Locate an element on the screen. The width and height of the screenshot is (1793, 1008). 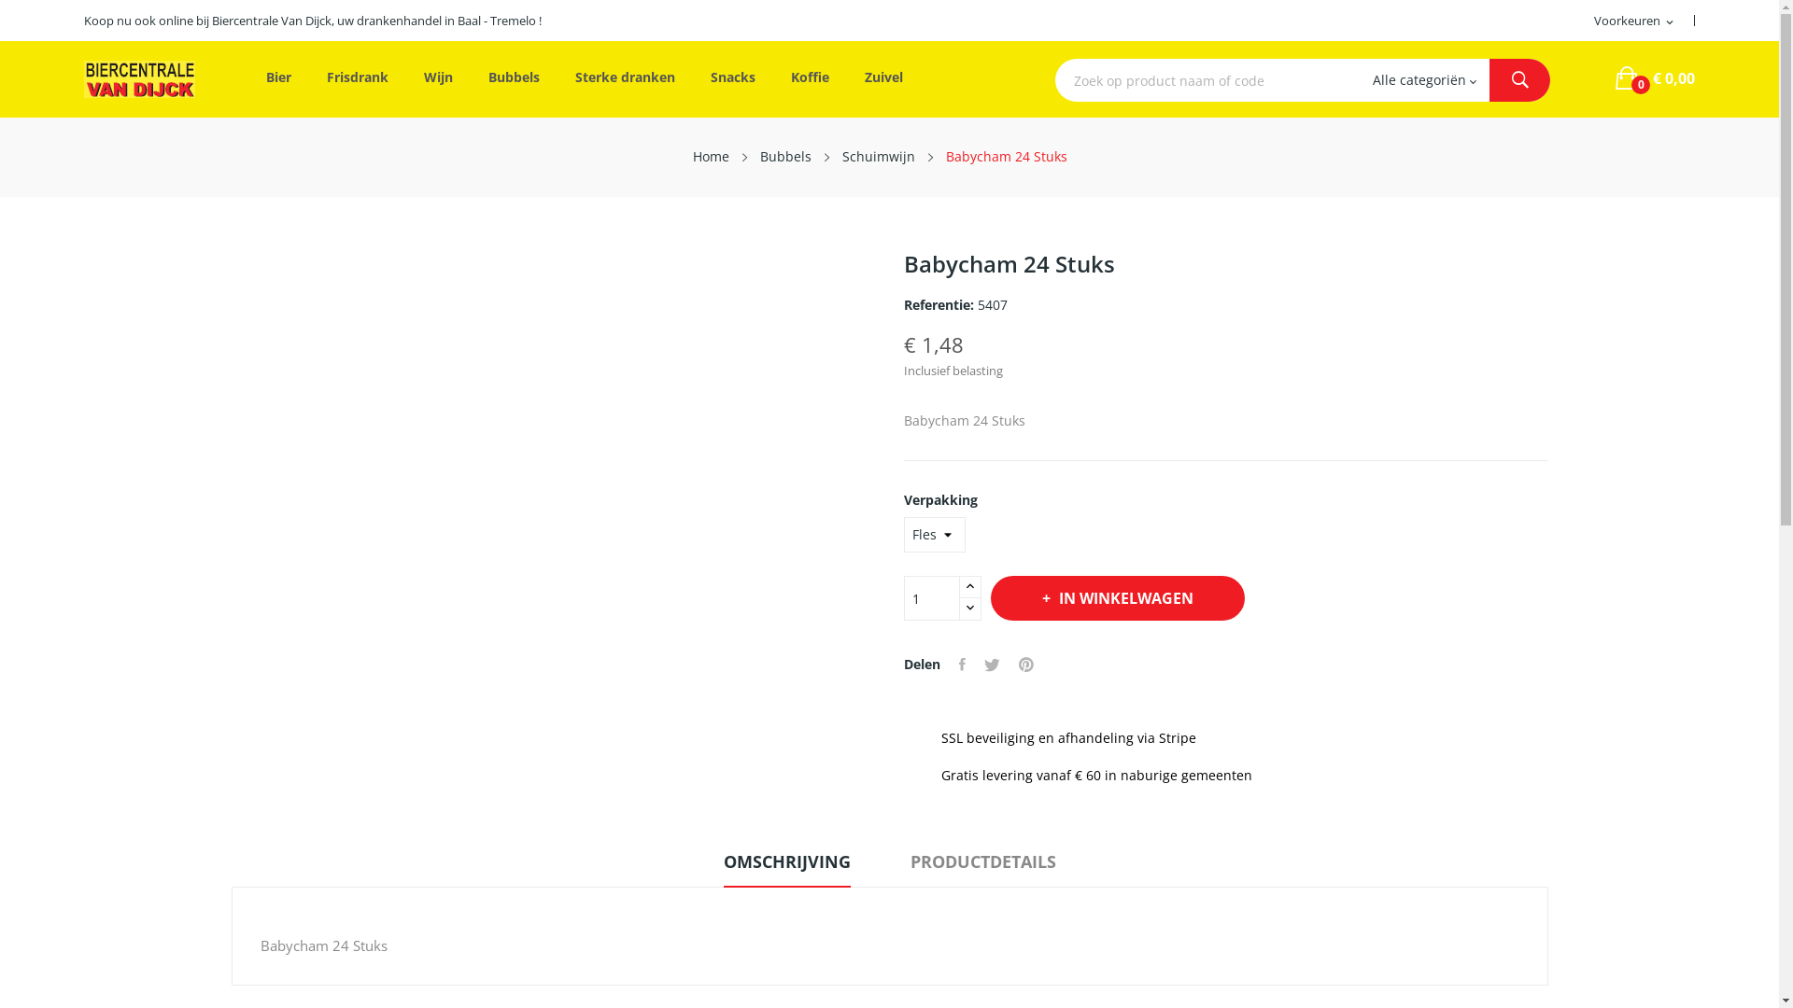
'Sterke dranken' is located at coordinates (625, 77).